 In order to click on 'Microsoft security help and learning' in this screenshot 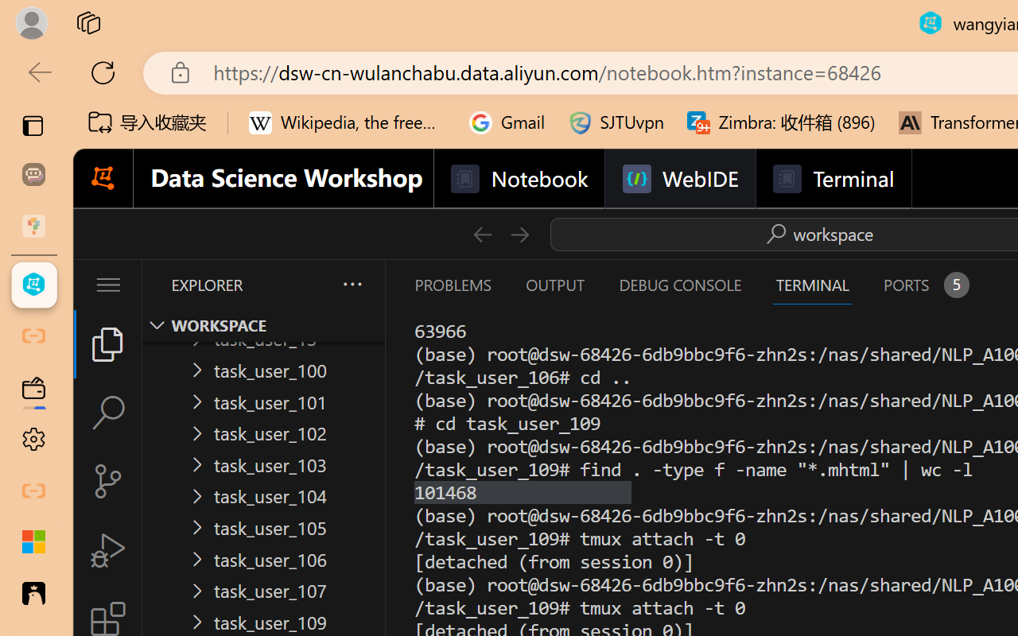, I will do `click(33, 542)`.